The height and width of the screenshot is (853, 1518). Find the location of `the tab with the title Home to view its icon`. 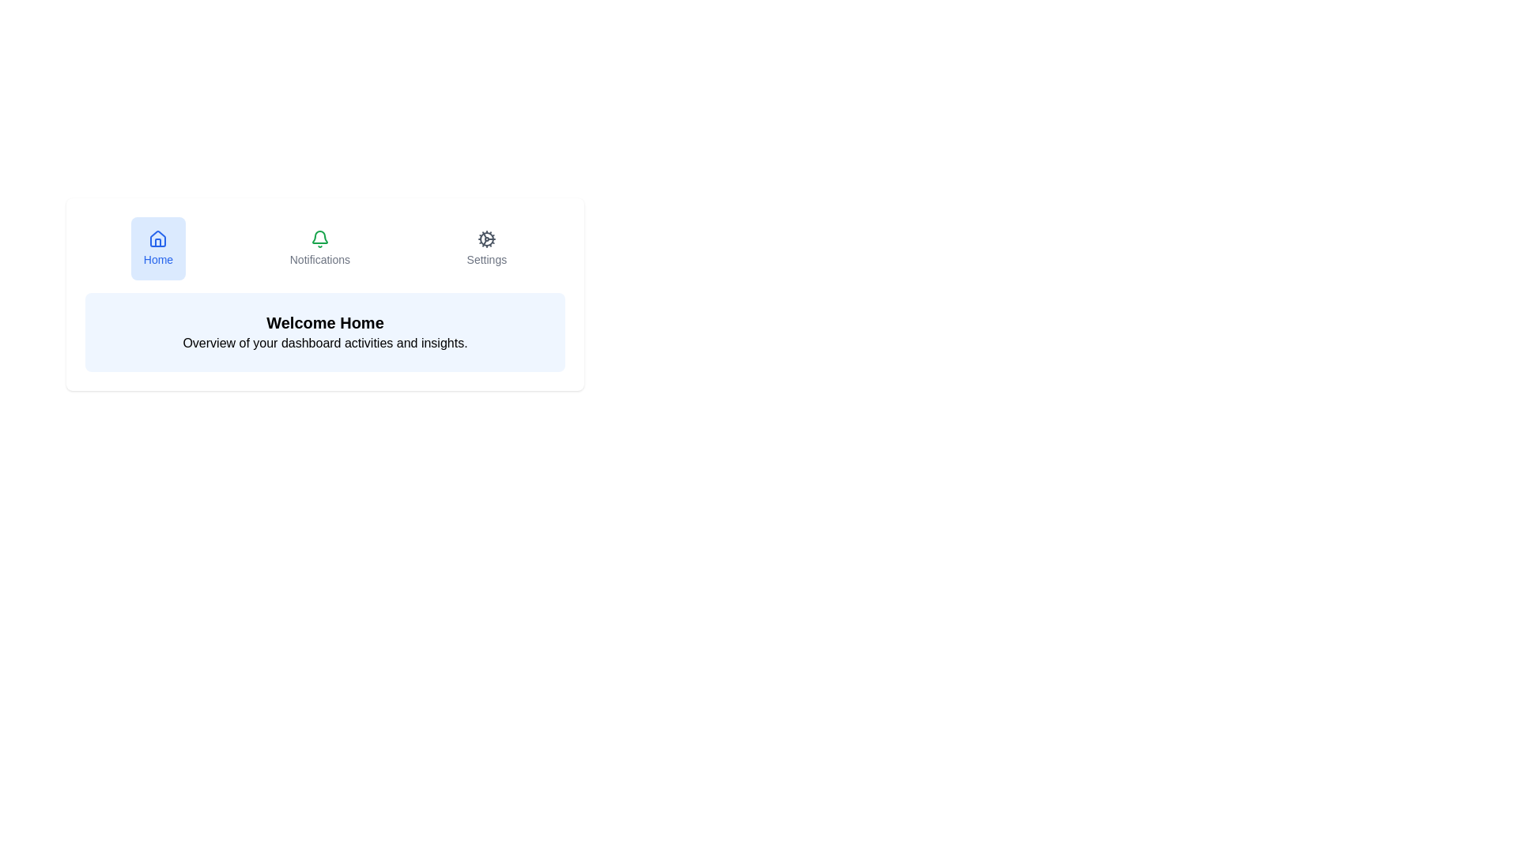

the tab with the title Home to view its icon is located at coordinates (158, 249).